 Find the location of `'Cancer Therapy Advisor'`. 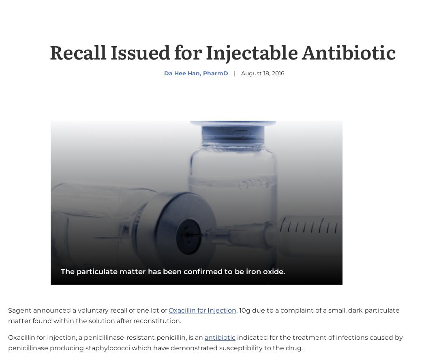

'Cancer Therapy Advisor' is located at coordinates (292, 346).